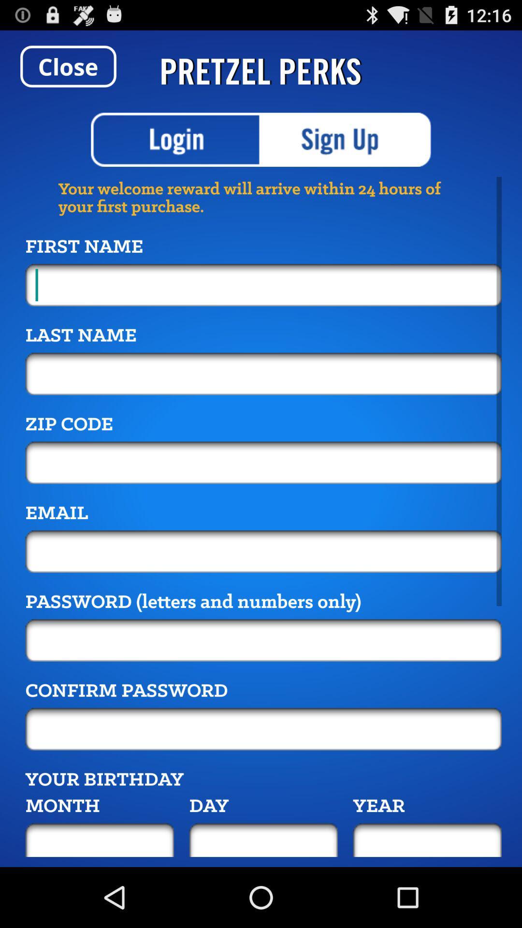 Image resolution: width=522 pixels, height=928 pixels. Describe the element at coordinates (263, 640) in the screenshot. I see `insert password` at that location.